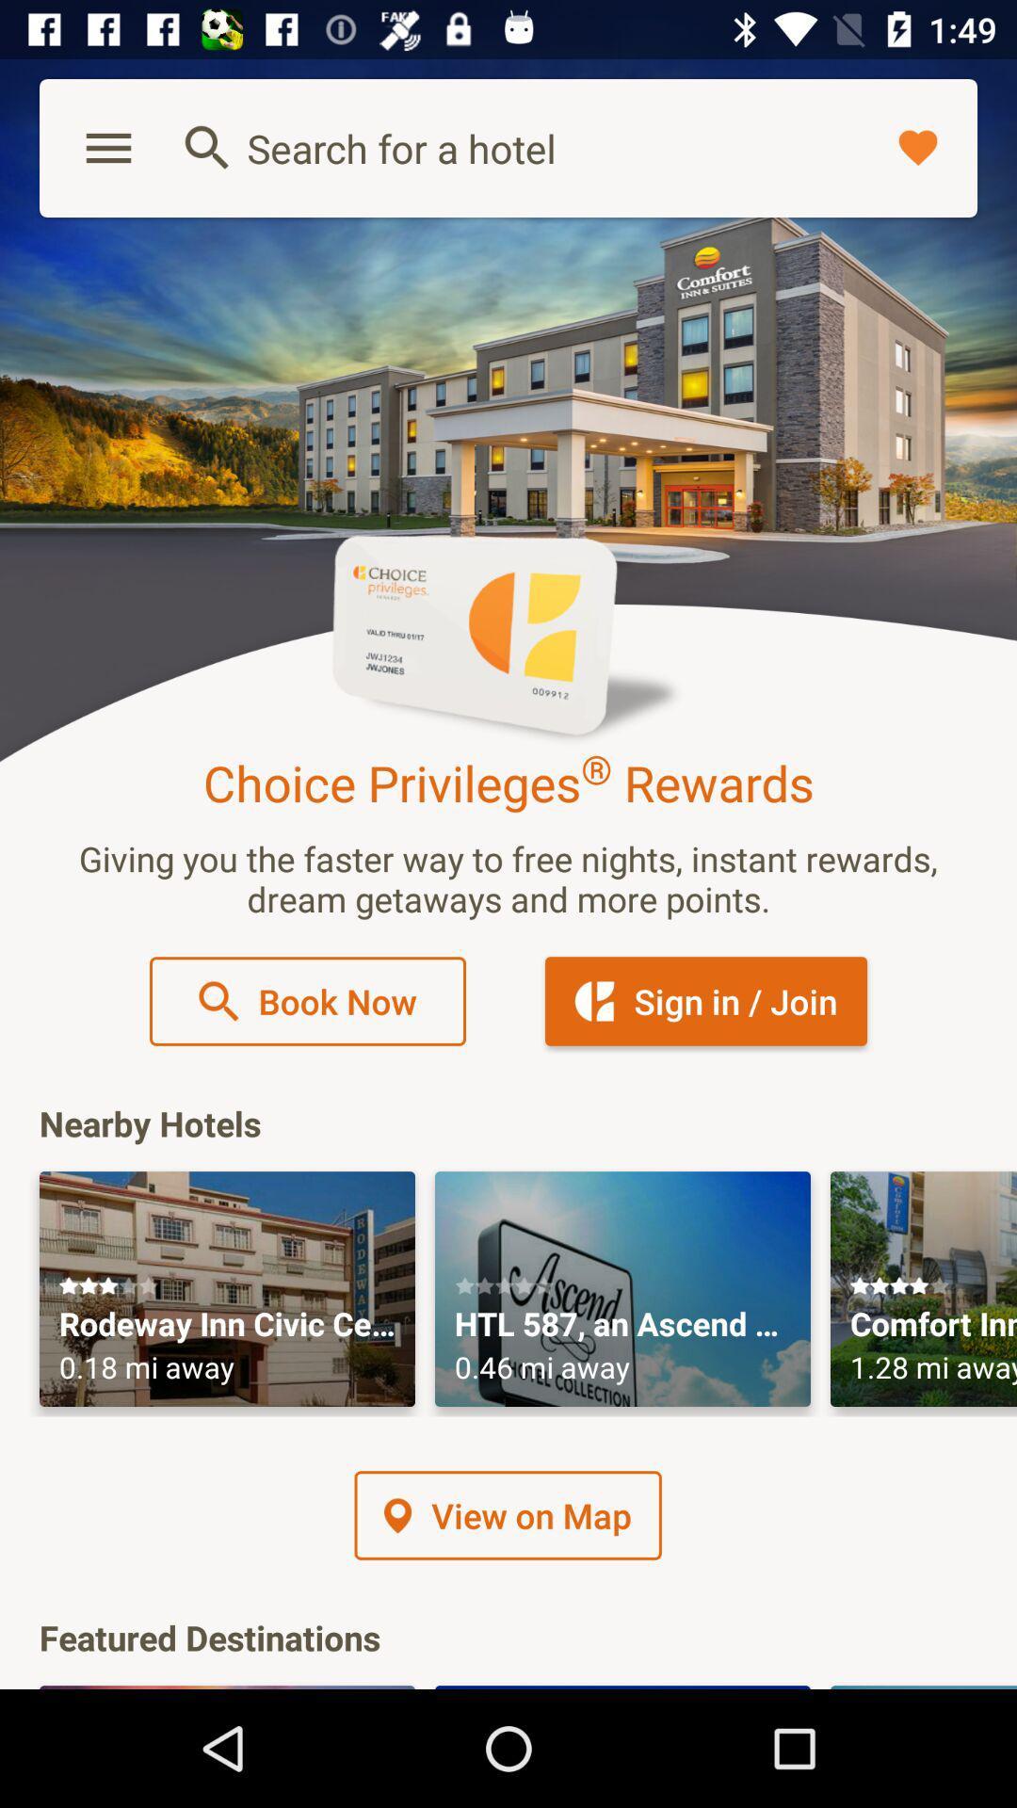 The width and height of the screenshot is (1017, 1808). What do you see at coordinates (622, 1288) in the screenshot?
I see `check location` at bounding box center [622, 1288].